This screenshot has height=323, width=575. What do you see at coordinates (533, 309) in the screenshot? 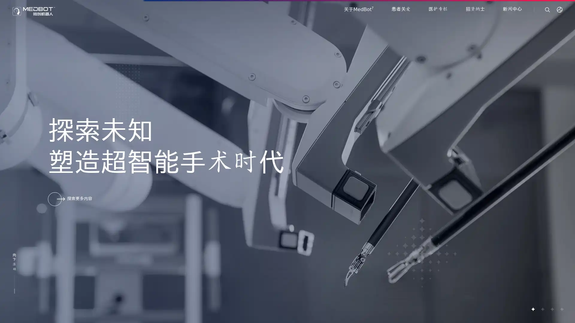
I see `Go to slide 1` at bounding box center [533, 309].